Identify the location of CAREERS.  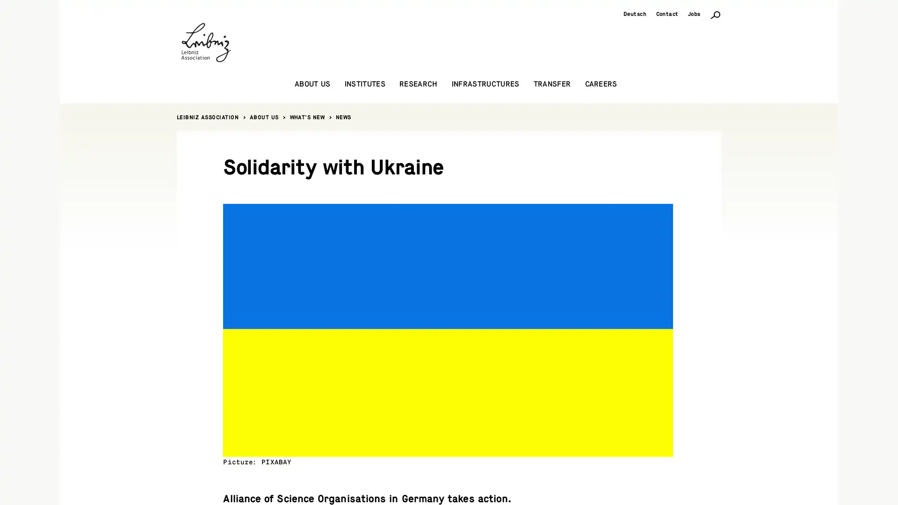
(601, 84).